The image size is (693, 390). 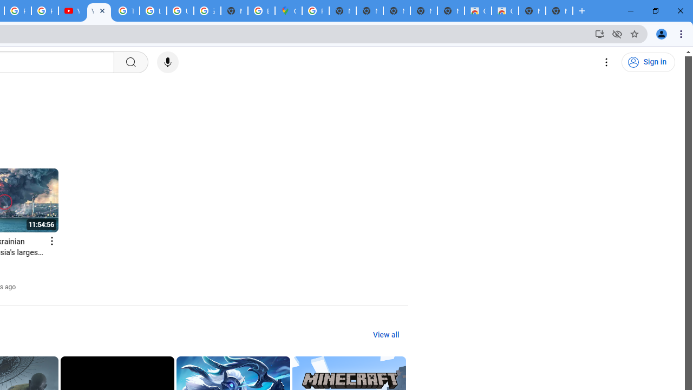 I want to click on 'YouTube', so click(x=71, y=11).